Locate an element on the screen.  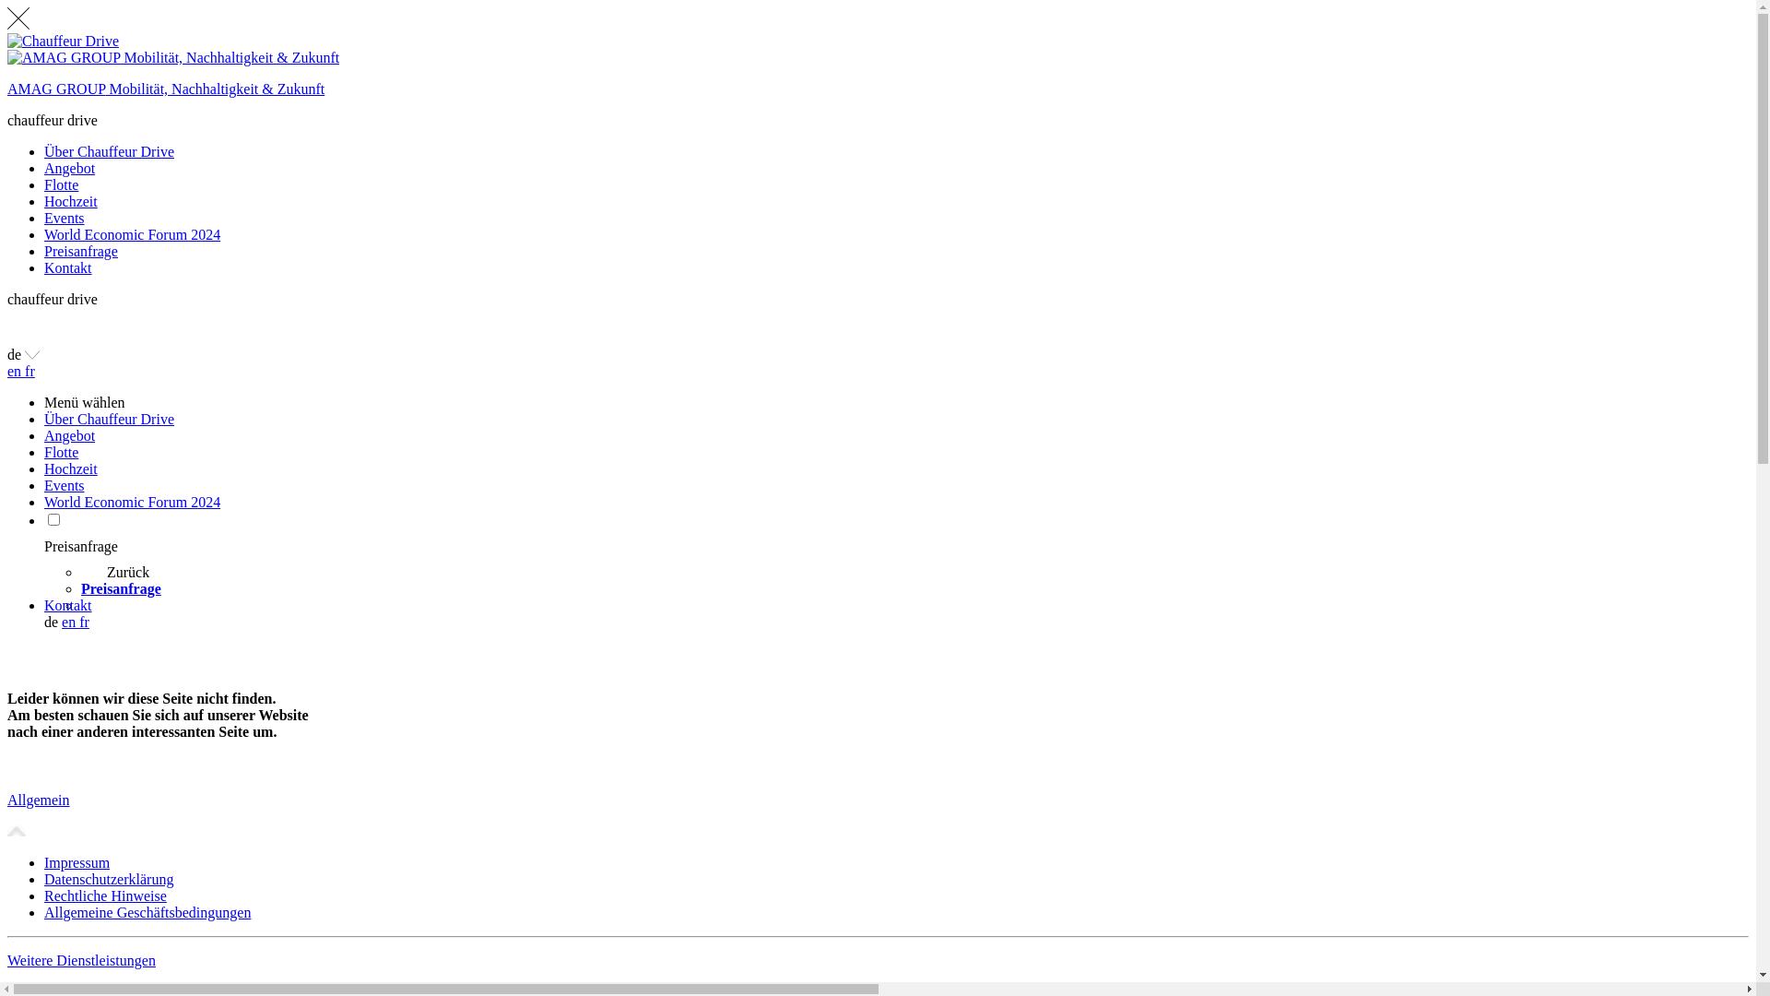
'Preisanfrage' is located at coordinates (79, 251).